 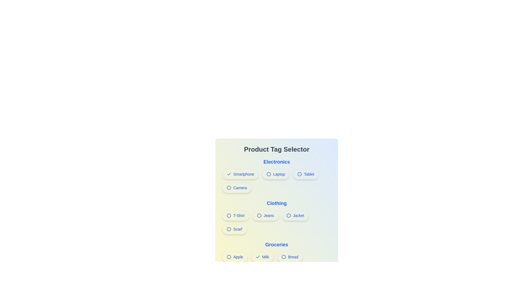 What do you see at coordinates (234, 229) in the screenshot?
I see `the 'Scarf' button, which is the last button in the 'Clothing' section` at bounding box center [234, 229].